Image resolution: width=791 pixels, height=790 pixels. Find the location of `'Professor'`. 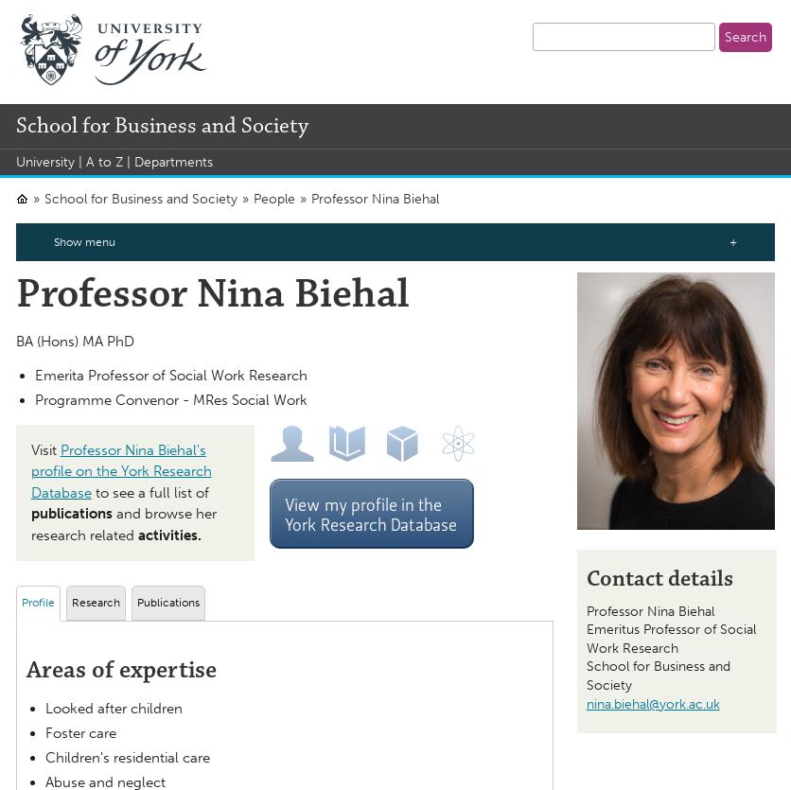

'Professor' is located at coordinates (584, 609).